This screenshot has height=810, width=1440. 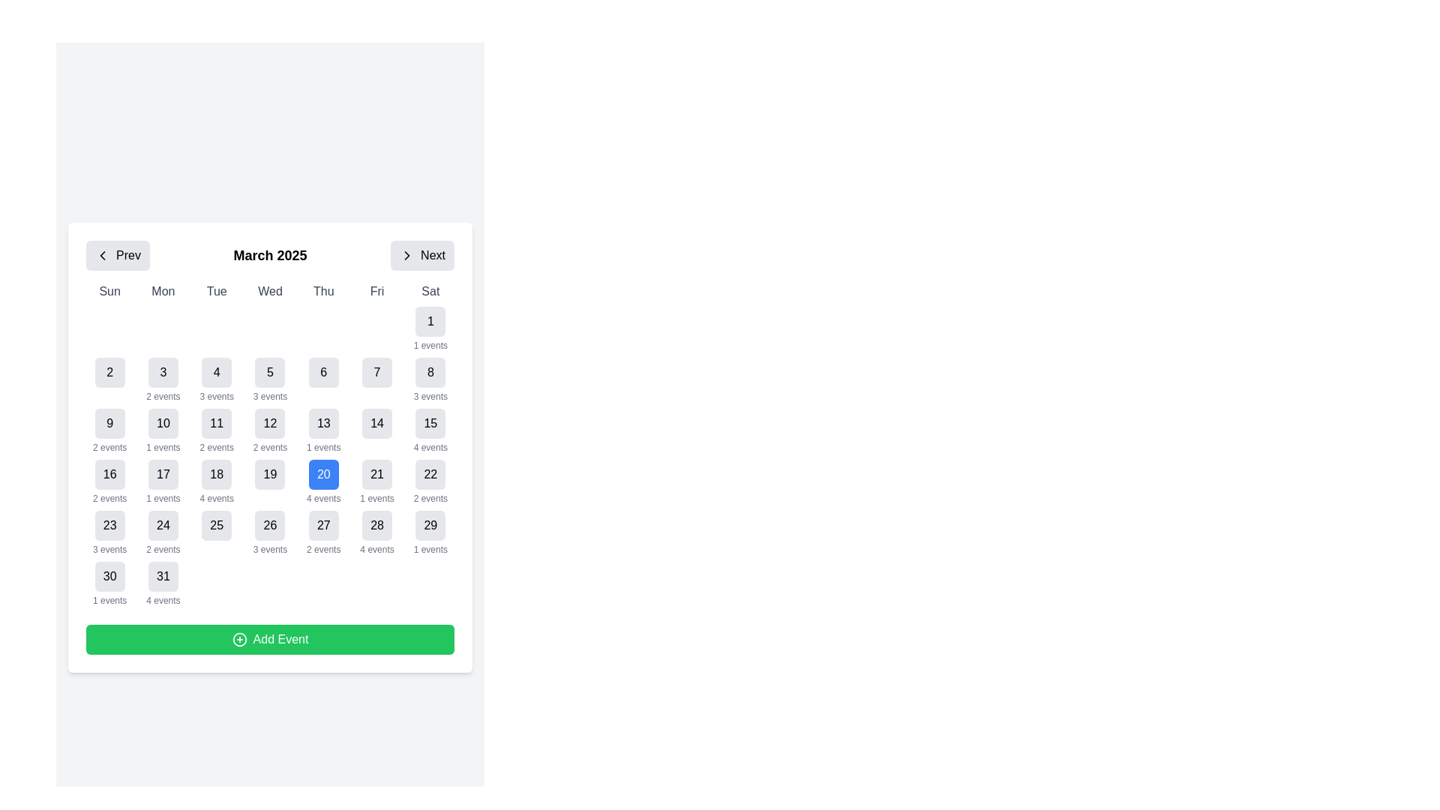 I want to click on the calendar date button representing '2', so click(x=109, y=372).